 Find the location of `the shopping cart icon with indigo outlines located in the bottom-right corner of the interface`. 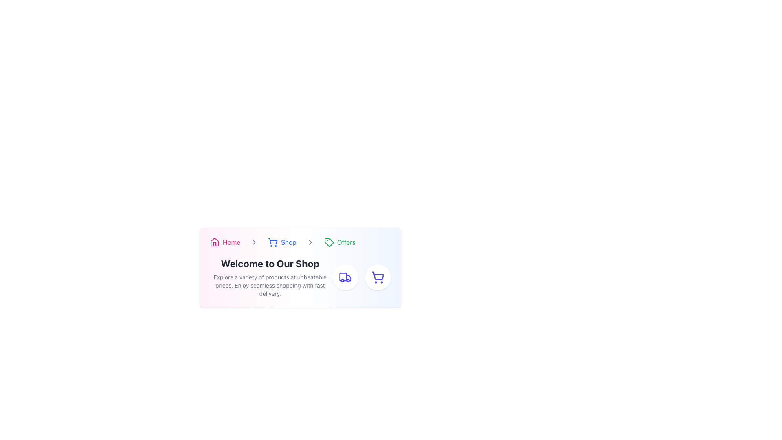

the shopping cart icon with indigo outlines located in the bottom-right corner of the interface is located at coordinates (377, 277).